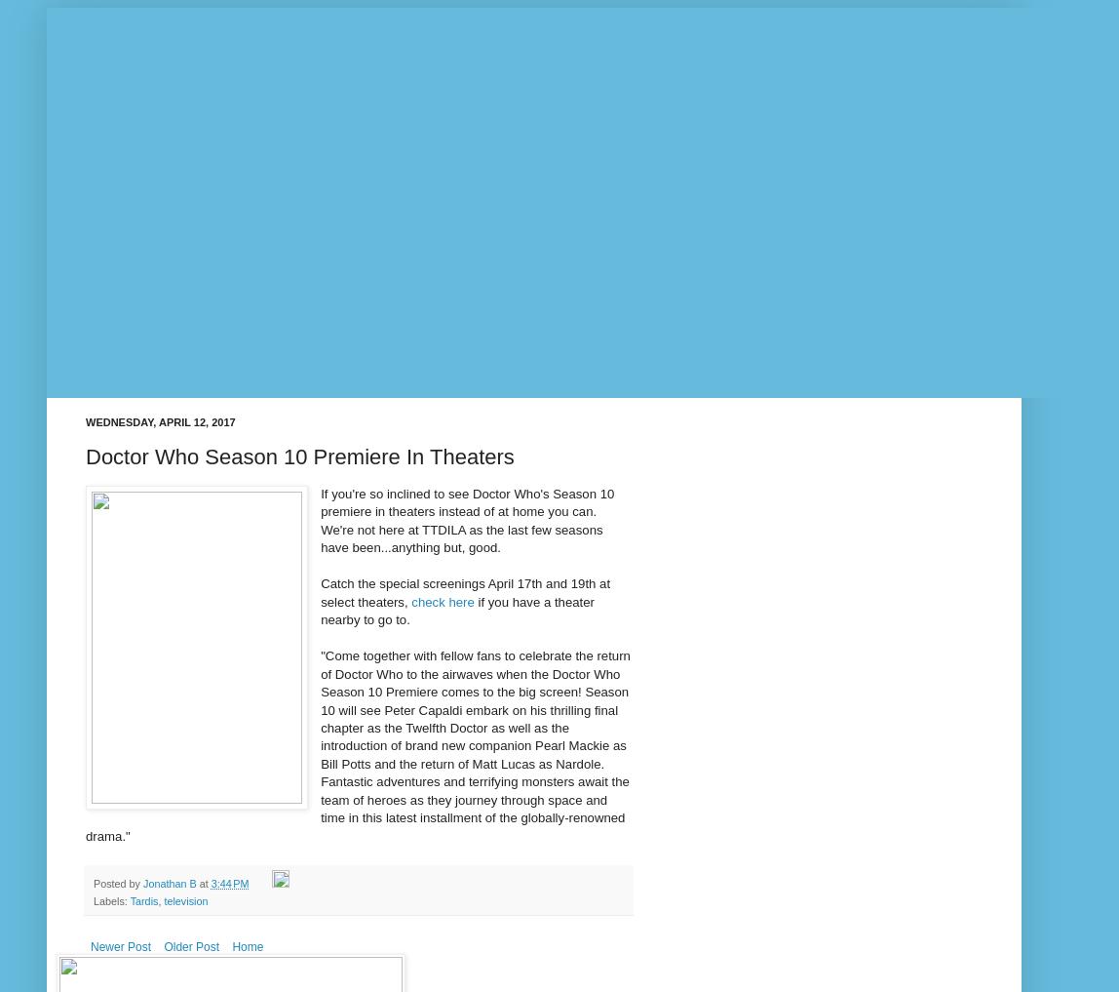 This screenshot has width=1119, height=992. I want to click on 'Wednesday, April 12, 2017', so click(160, 422).